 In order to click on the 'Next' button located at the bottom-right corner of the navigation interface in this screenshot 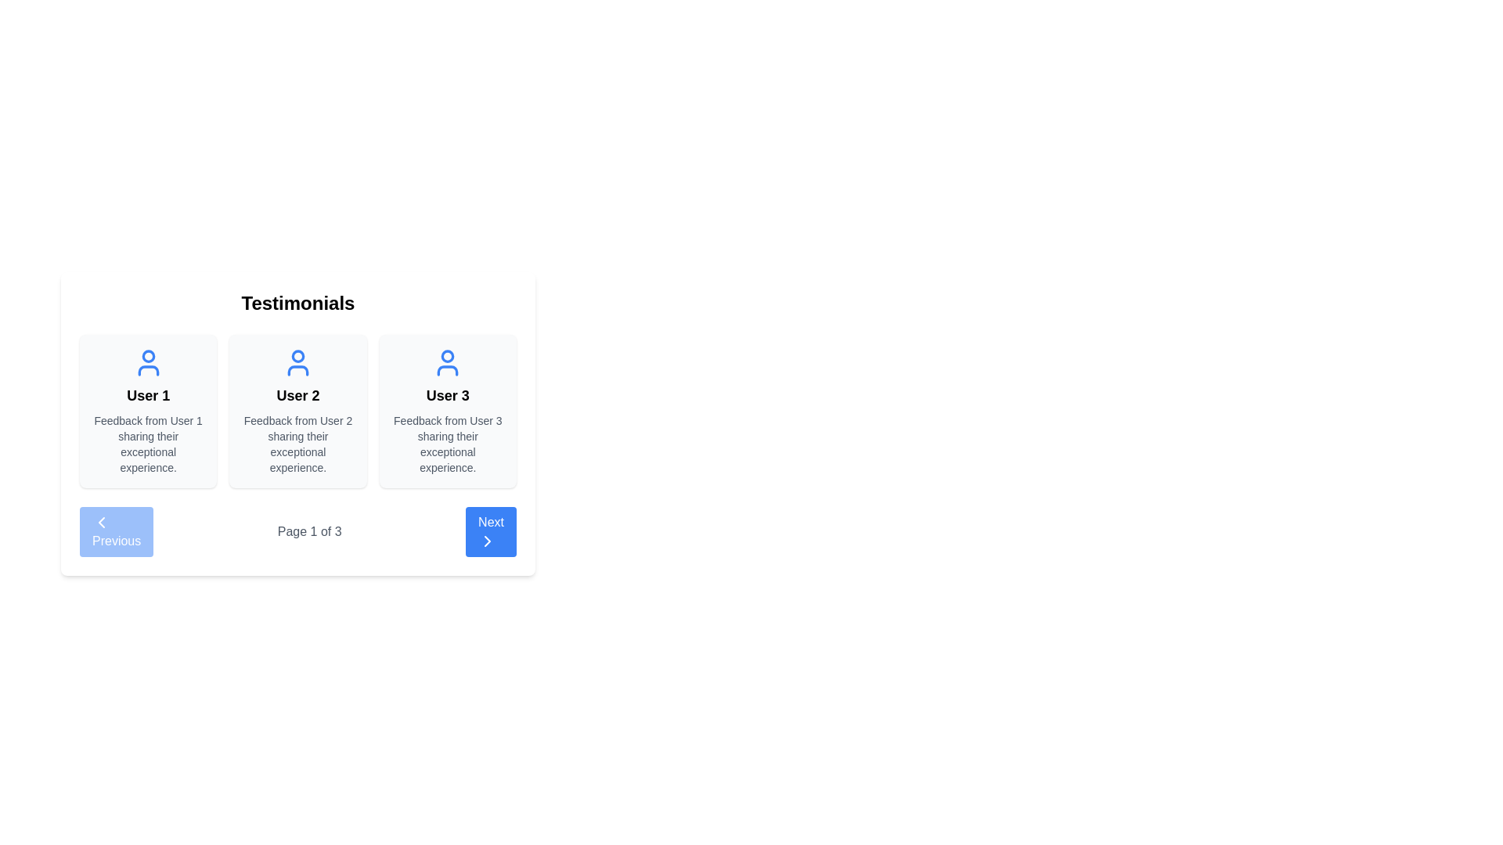, I will do `click(490, 530)`.